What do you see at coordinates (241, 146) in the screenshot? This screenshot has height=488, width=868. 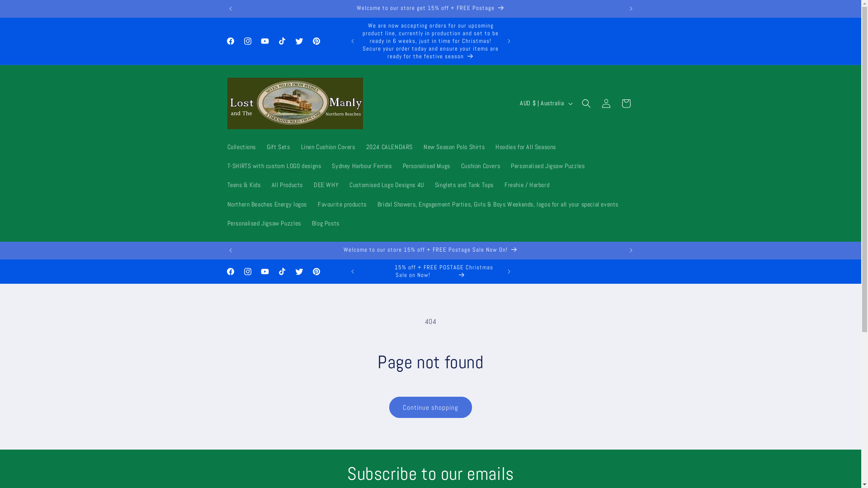 I see `'Collections'` at bounding box center [241, 146].